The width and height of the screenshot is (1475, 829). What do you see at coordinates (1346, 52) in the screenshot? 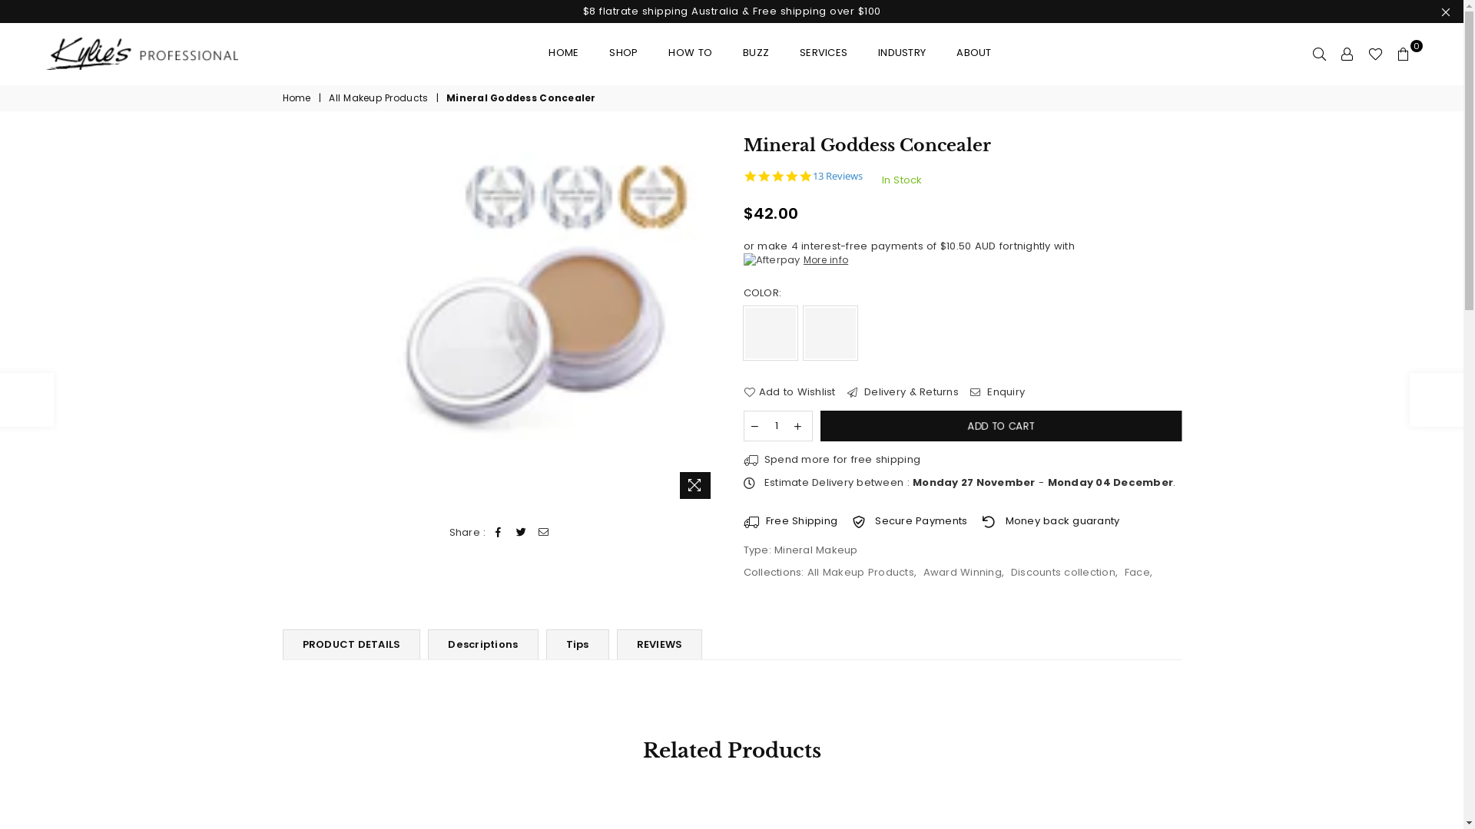
I see `'My Account'` at bounding box center [1346, 52].